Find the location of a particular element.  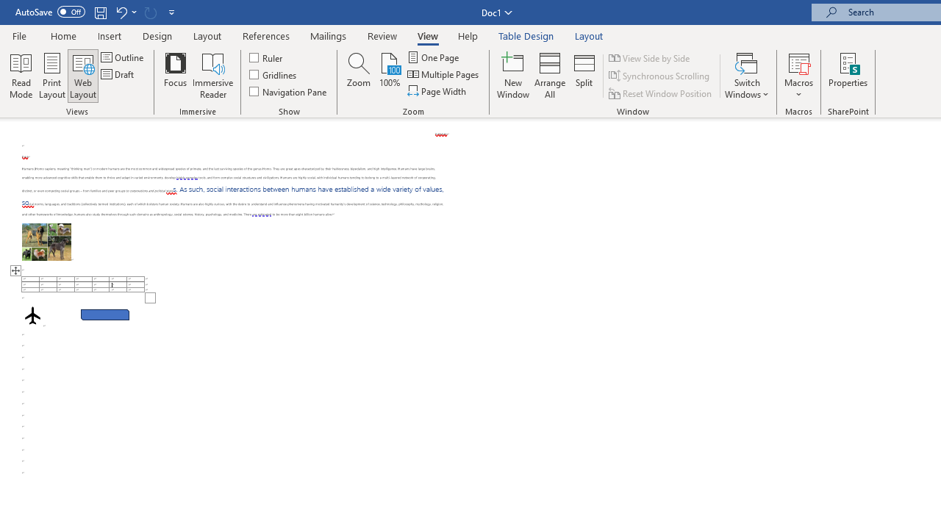

'Home' is located at coordinates (62, 35).